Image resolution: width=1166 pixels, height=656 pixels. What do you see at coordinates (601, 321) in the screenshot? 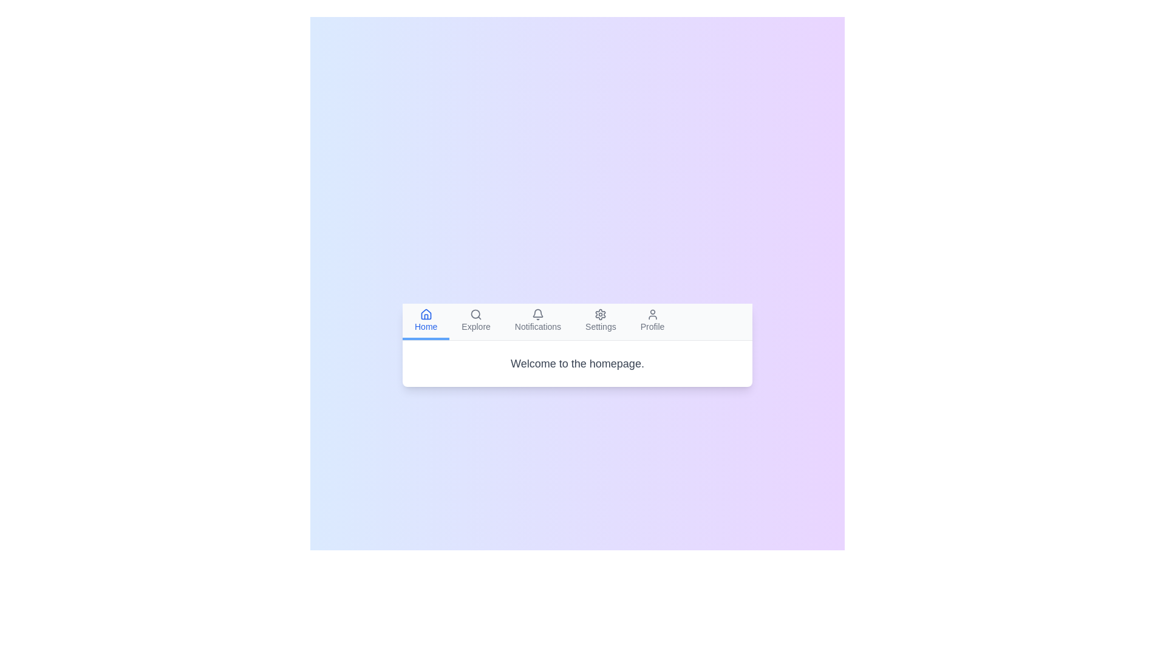
I see `the tab labeled Settings to select it` at bounding box center [601, 321].